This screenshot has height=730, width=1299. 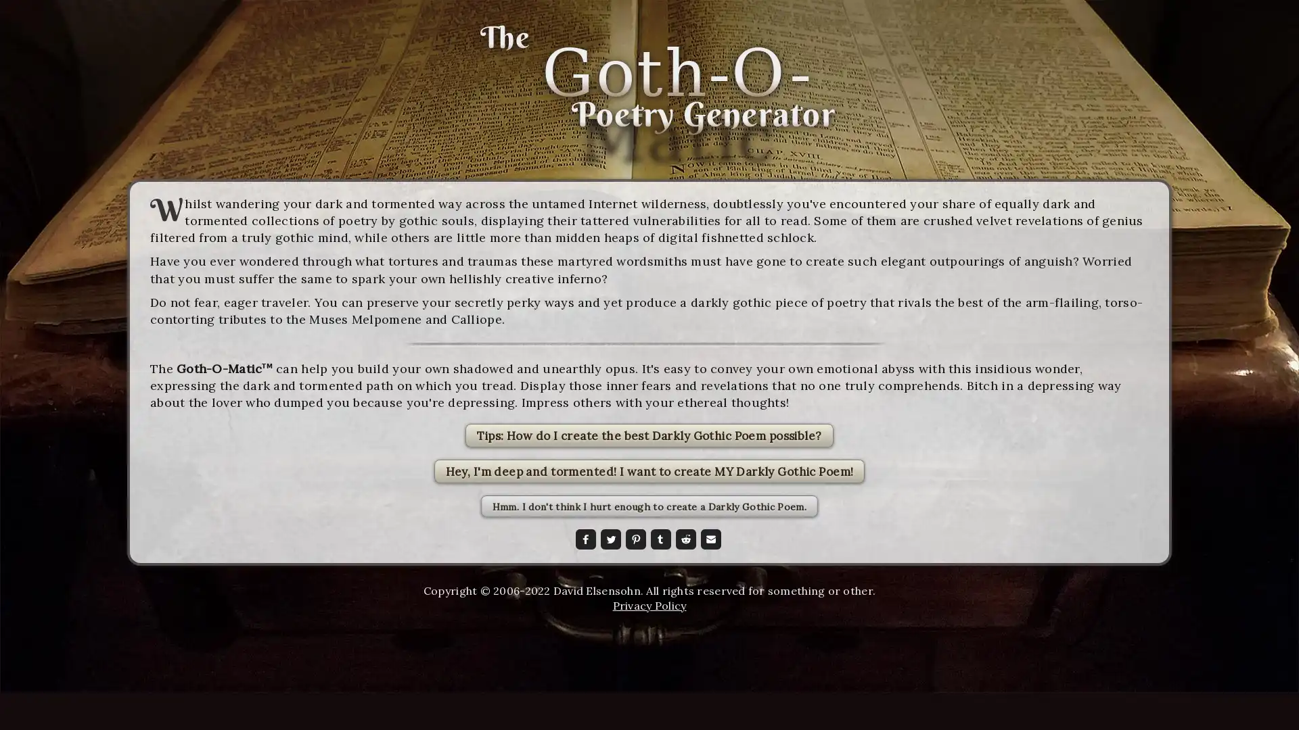 What do you see at coordinates (591, 538) in the screenshot?
I see `Share to Facebook` at bounding box center [591, 538].